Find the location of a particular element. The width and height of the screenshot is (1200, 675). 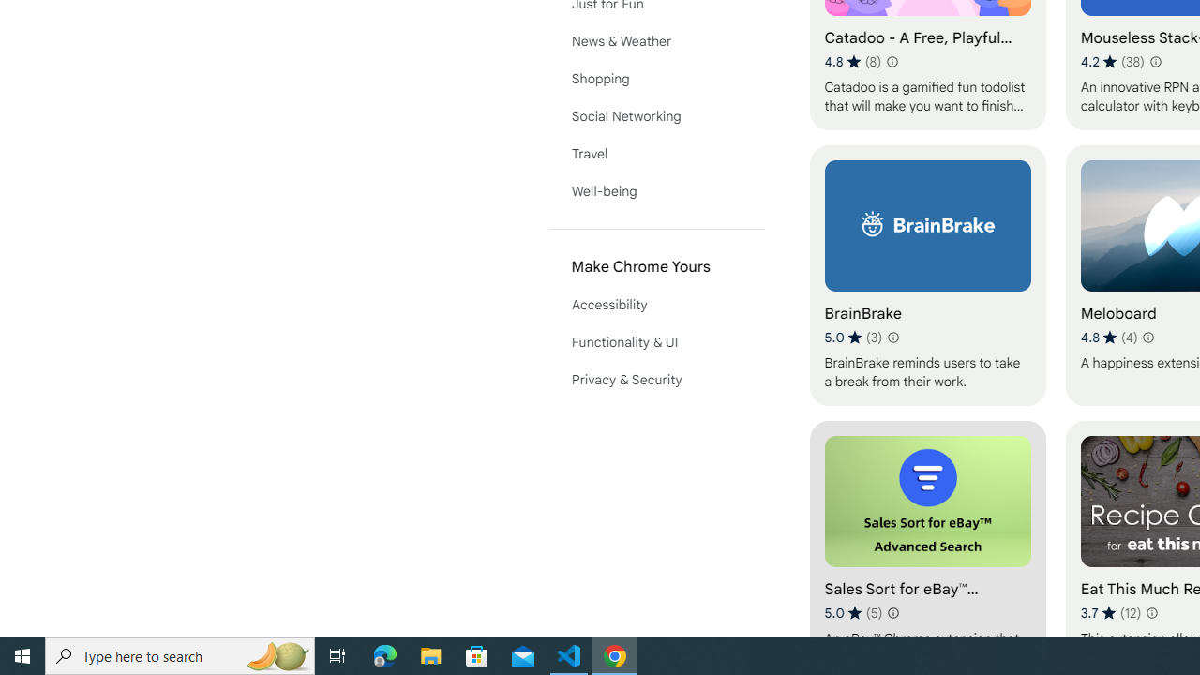

'Average rating 3.7 out of 5 stars. 12 ratings.' is located at coordinates (1111, 612).